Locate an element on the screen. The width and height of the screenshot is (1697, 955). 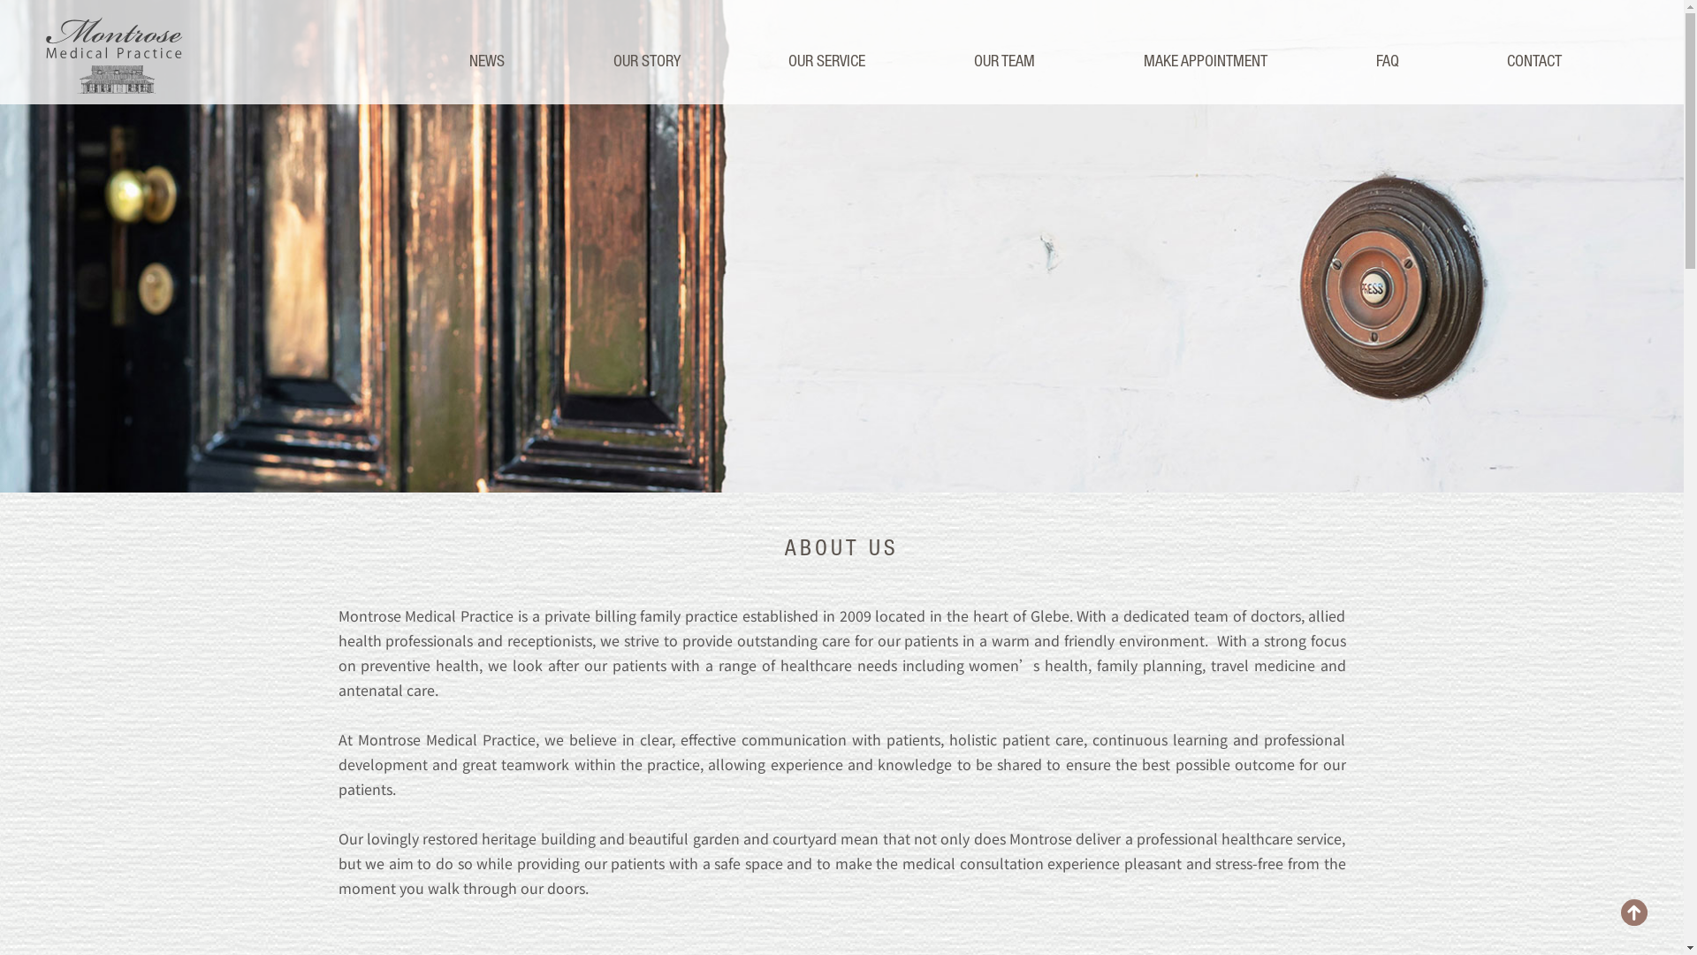
'MAKE APPOINTMENT' is located at coordinates (1204, 60).